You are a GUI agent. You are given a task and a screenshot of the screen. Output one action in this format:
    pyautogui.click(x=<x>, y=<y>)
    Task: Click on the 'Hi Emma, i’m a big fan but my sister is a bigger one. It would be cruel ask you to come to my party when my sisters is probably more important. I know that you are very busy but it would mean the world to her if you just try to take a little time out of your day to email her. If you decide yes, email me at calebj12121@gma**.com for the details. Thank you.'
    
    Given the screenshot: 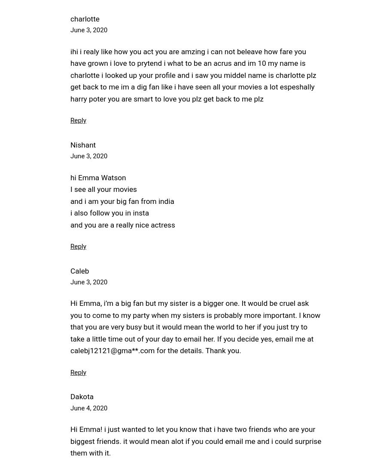 What is the action you would take?
    pyautogui.click(x=195, y=326)
    